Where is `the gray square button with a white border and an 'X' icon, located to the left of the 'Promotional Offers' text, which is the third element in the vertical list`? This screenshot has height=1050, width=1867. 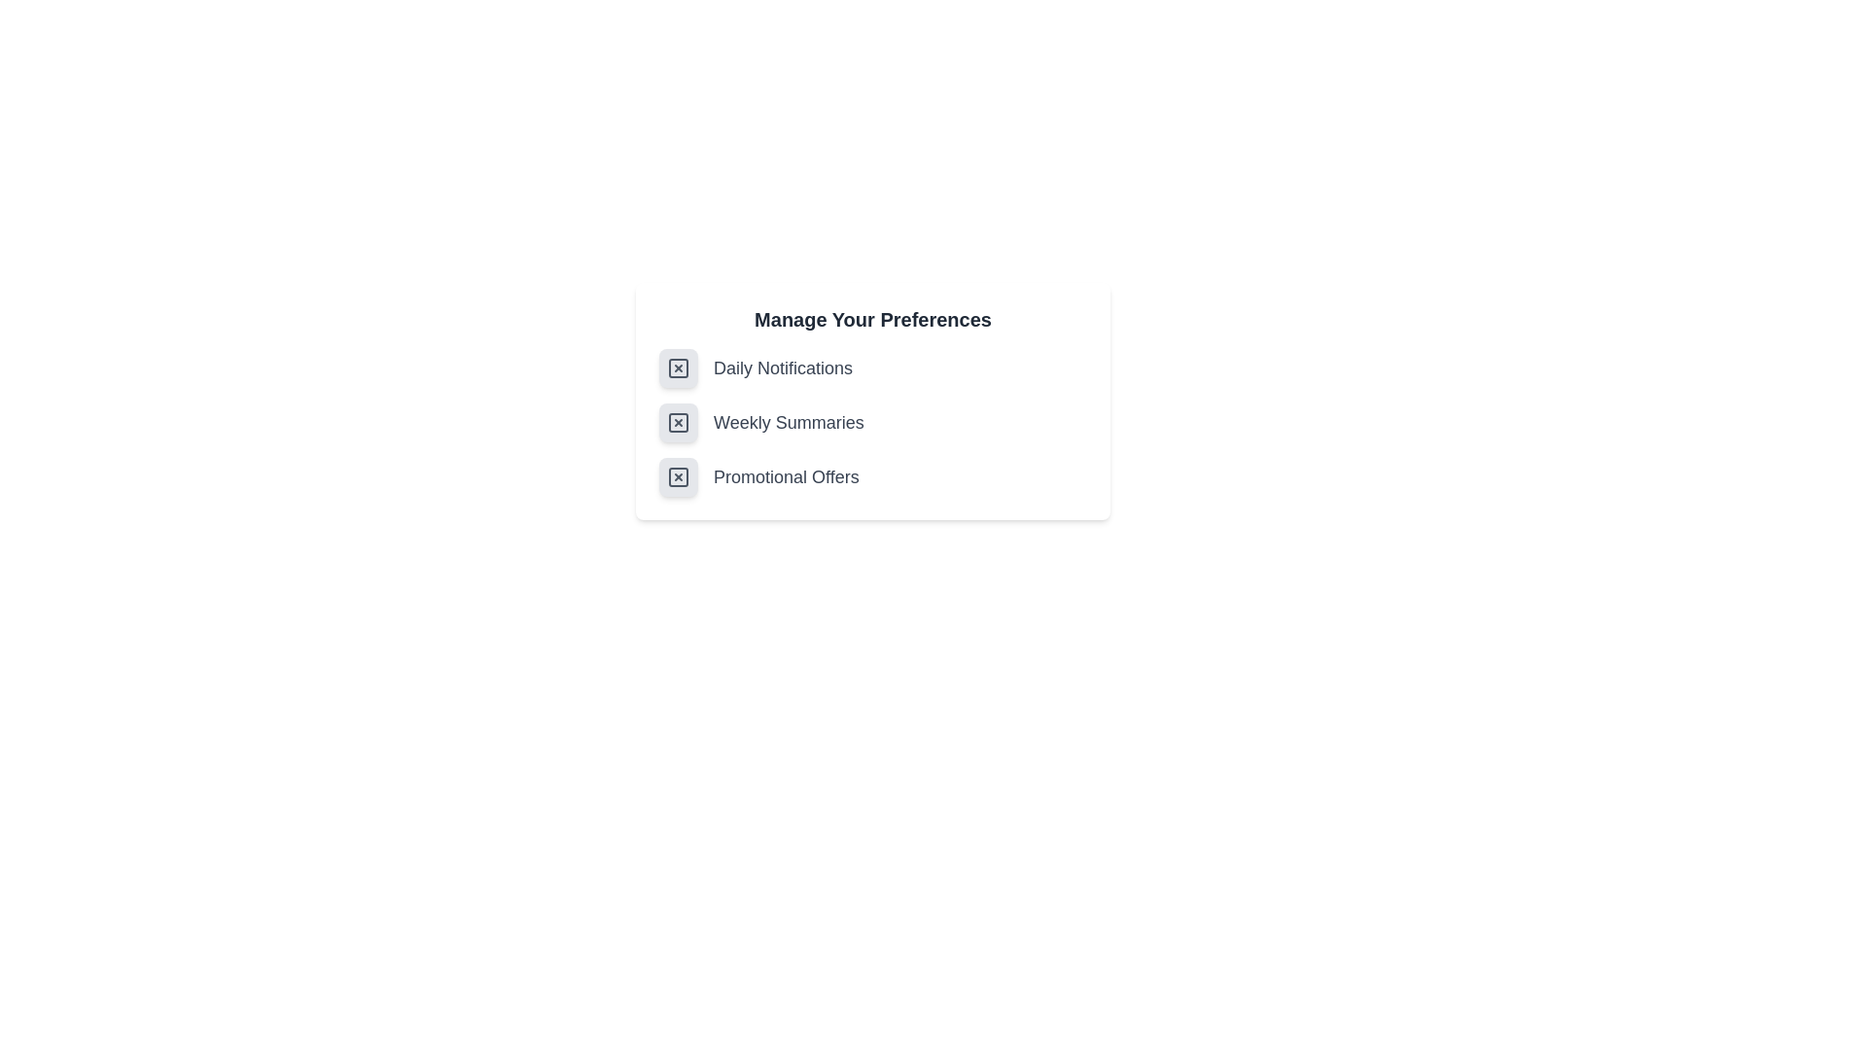
the gray square button with a white border and an 'X' icon, located to the left of the 'Promotional Offers' text, which is the third element in the vertical list is located at coordinates (678, 476).